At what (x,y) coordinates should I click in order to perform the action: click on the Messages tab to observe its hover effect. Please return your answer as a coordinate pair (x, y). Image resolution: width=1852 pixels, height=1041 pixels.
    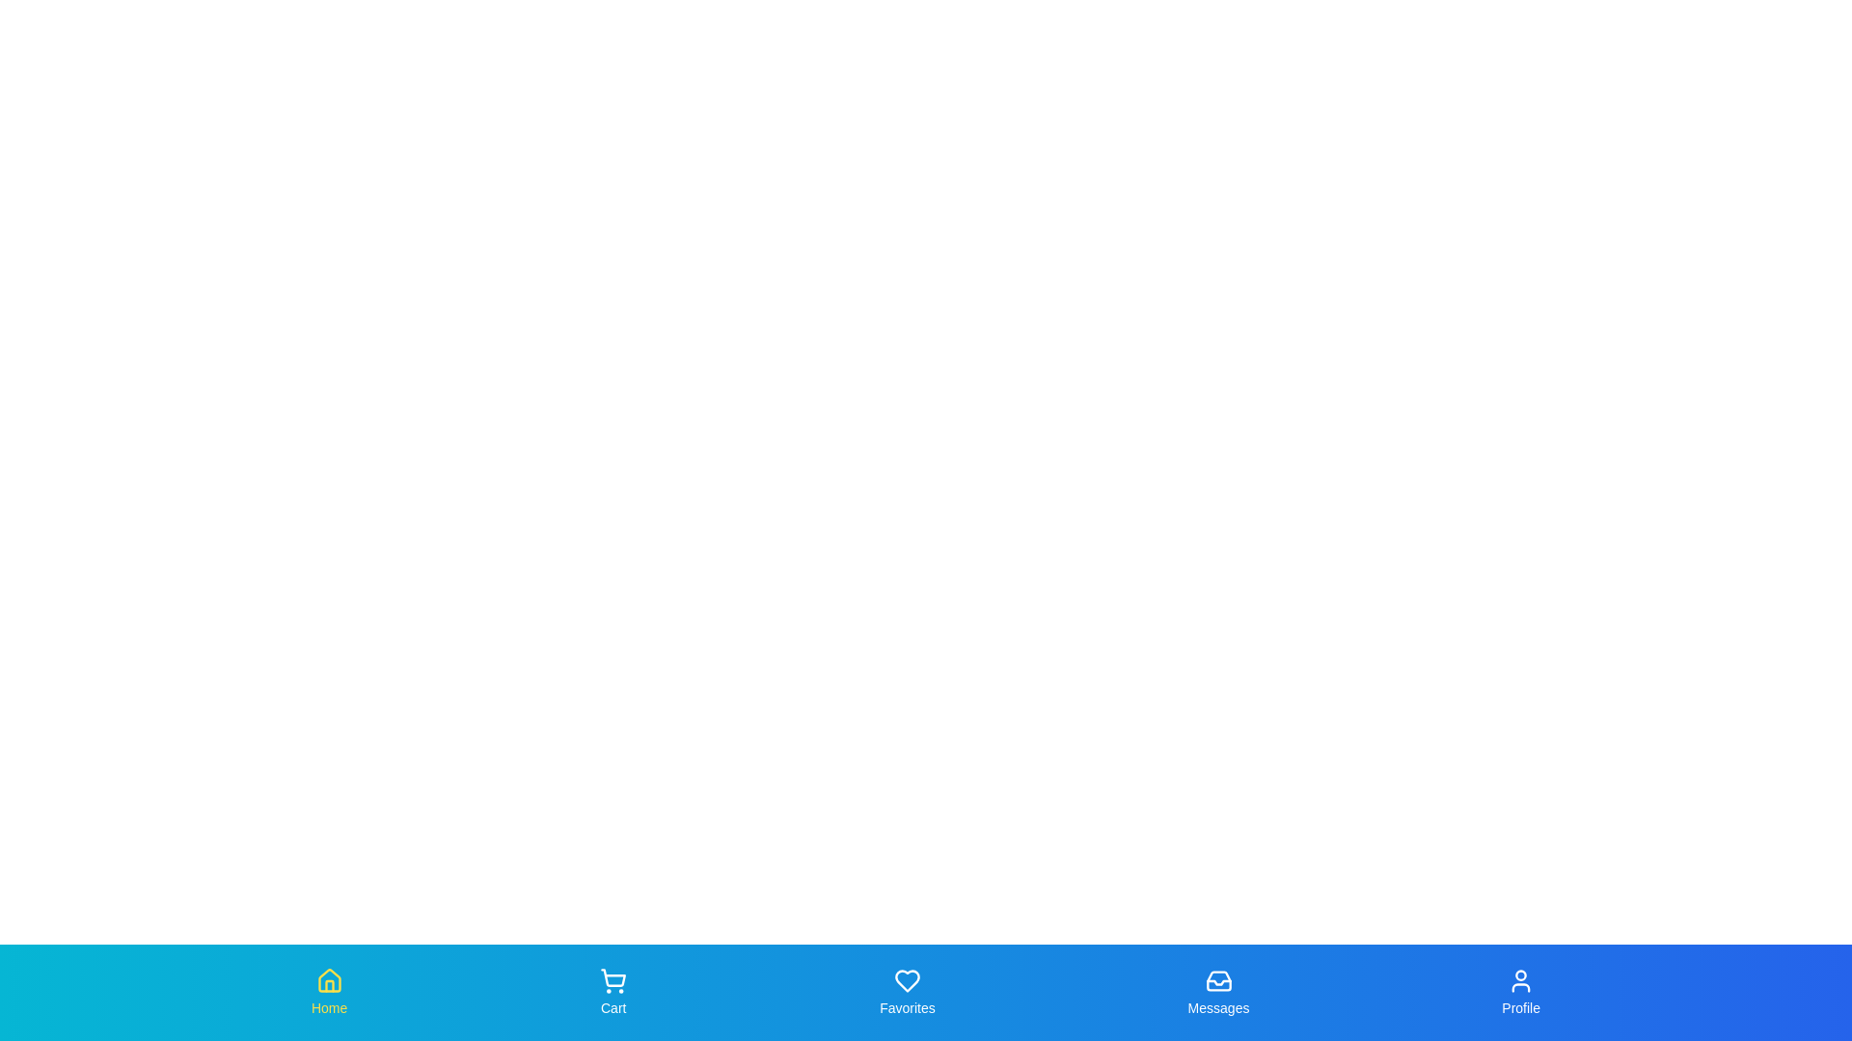
    Looking at the image, I should click on (1217, 992).